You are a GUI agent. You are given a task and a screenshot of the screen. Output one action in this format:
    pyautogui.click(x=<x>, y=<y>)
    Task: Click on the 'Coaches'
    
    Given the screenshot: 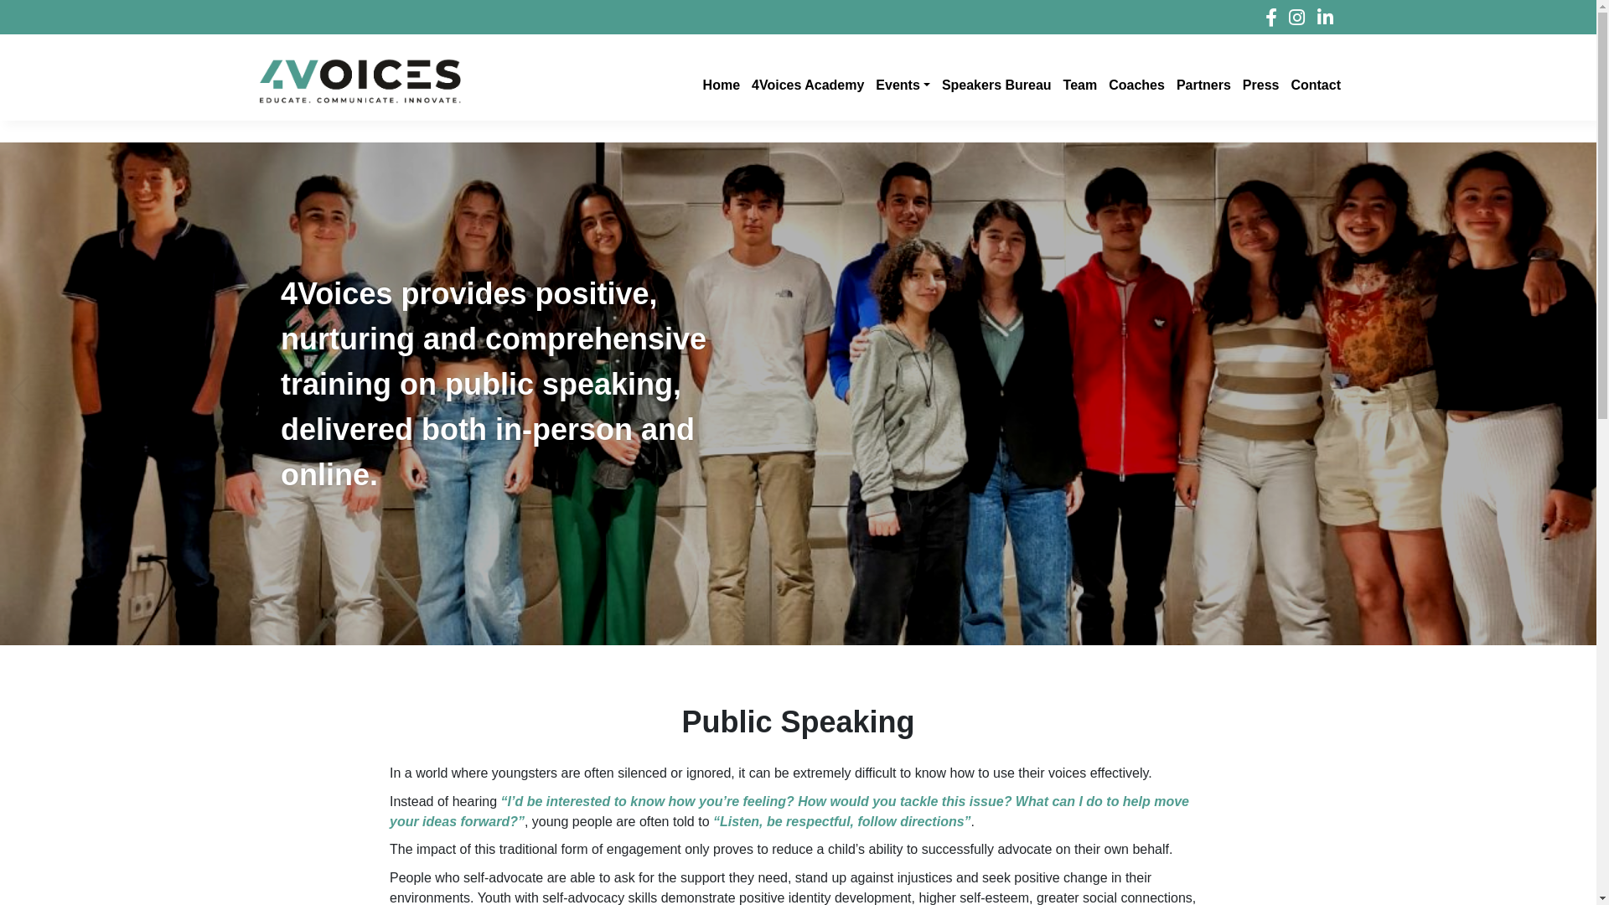 What is the action you would take?
    pyautogui.click(x=1101, y=81)
    